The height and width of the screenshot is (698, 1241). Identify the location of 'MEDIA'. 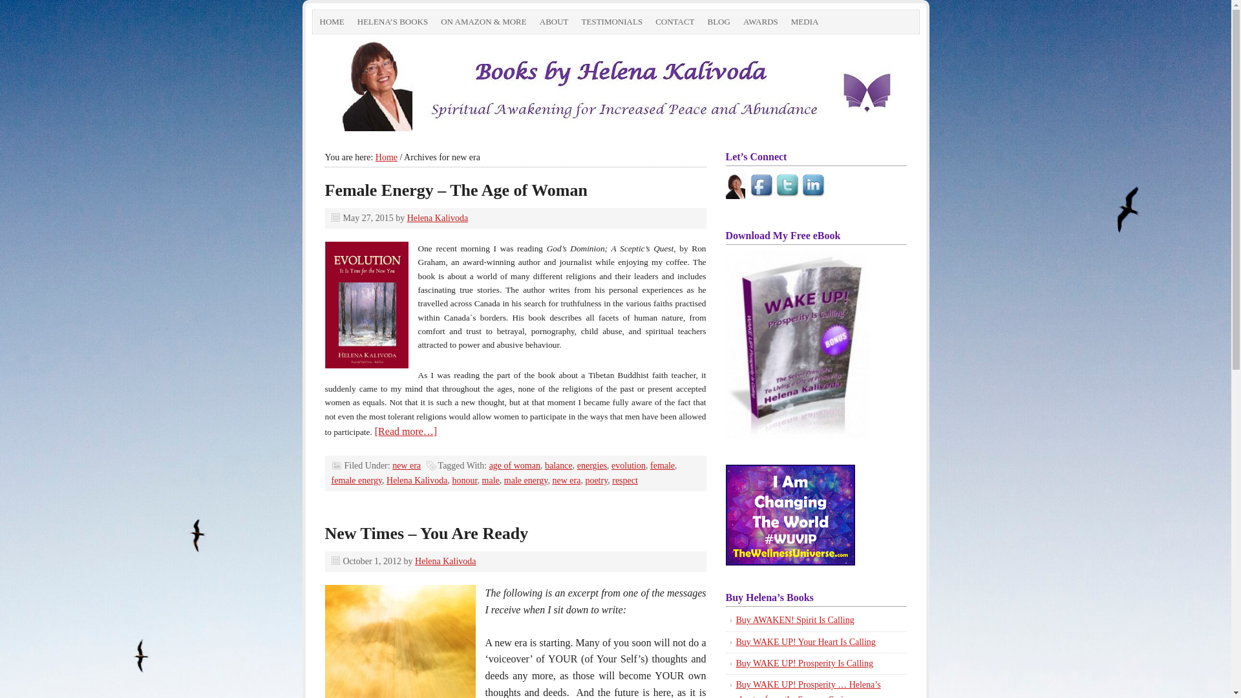
(784, 22).